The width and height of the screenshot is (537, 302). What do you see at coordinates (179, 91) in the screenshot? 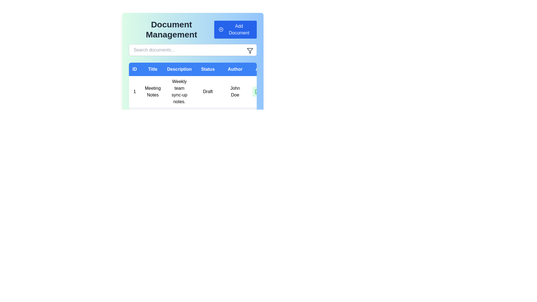
I see `the Text label in the 'Description' column of the meeting notes table, which provides details about the entry` at bounding box center [179, 91].